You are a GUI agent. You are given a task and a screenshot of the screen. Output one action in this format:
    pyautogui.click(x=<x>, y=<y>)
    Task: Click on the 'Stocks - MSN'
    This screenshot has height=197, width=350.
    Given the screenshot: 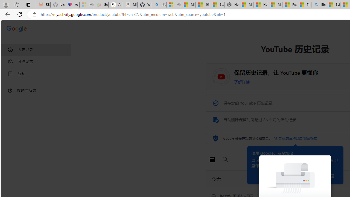 What is the action you would take?
    pyautogui.click(x=217, y=5)
    